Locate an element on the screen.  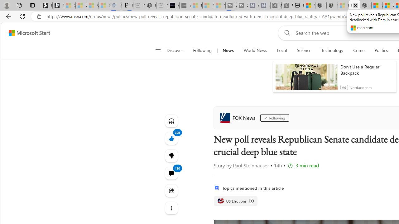
'Listen to this article' is located at coordinates (171, 121).